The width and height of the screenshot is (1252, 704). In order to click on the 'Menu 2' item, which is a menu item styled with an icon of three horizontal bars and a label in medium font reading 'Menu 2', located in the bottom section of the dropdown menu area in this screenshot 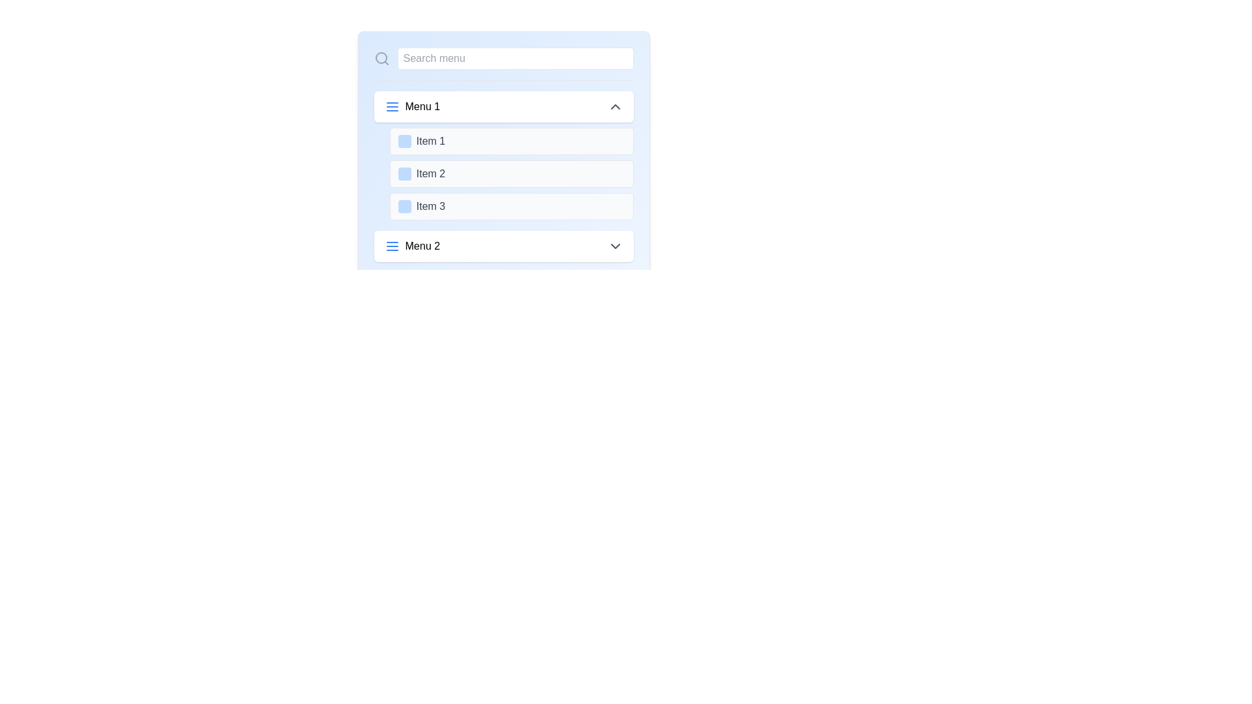, I will do `click(411, 246)`.